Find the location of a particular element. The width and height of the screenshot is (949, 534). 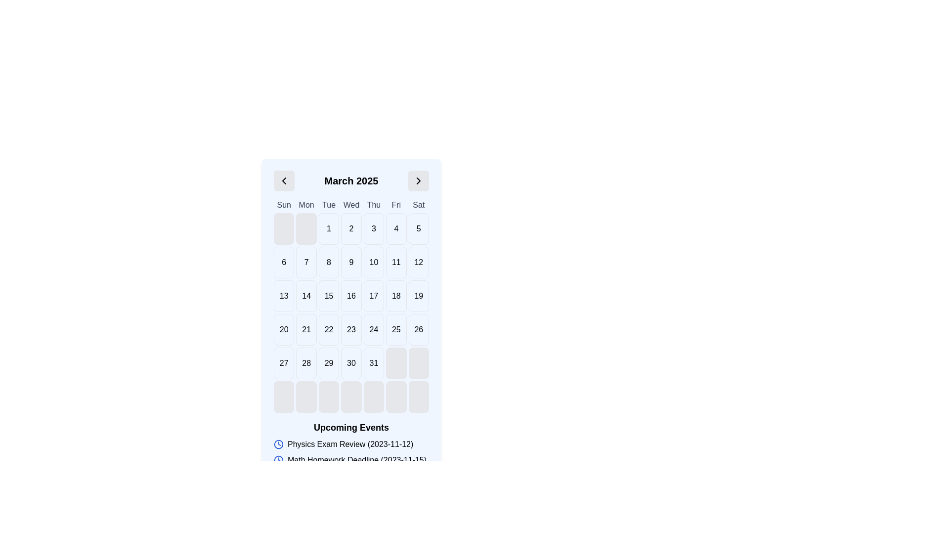

the circular boundary of the clock icon located at the bottom of the calendar interface, adjacent to the text 'Physics Exam Review (2023-11-12)' is located at coordinates (278, 444).